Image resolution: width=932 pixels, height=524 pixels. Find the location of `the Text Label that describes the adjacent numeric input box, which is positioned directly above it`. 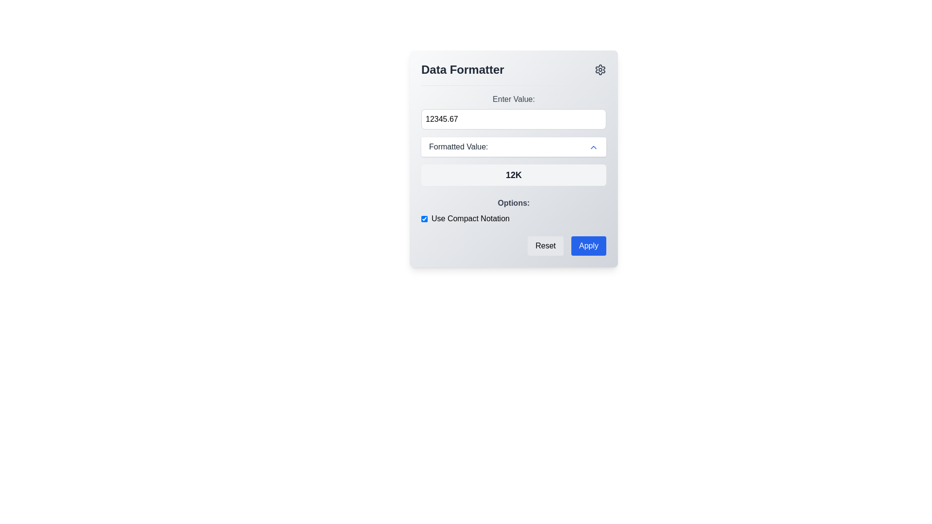

the Text Label that describes the adjacent numeric input box, which is positioned directly above it is located at coordinates (513, 99).